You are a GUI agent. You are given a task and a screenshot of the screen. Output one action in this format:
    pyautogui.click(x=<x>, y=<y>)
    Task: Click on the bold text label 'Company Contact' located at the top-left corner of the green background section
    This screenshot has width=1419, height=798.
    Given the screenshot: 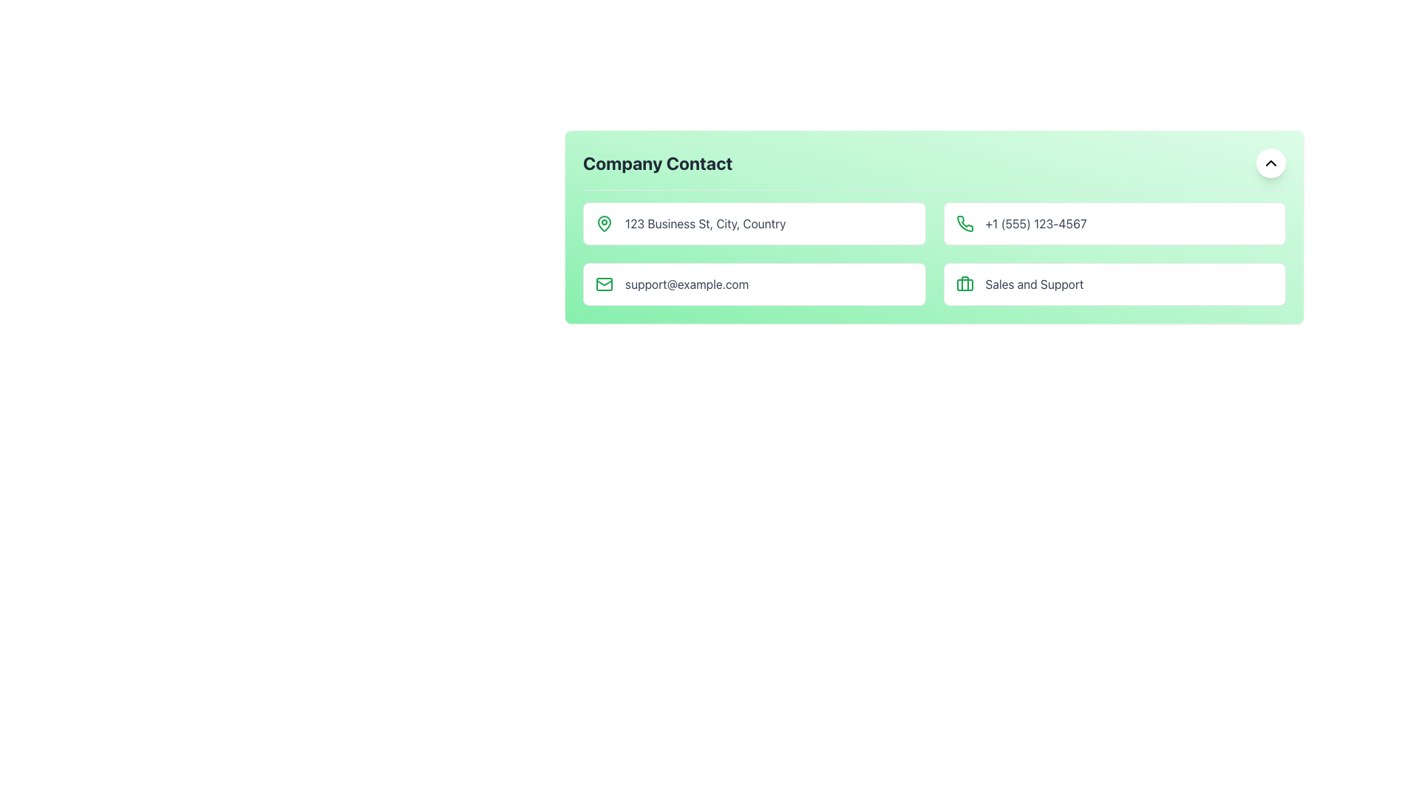 What is the action you would take?
    pyautogui.click(x=657, y=163)
    